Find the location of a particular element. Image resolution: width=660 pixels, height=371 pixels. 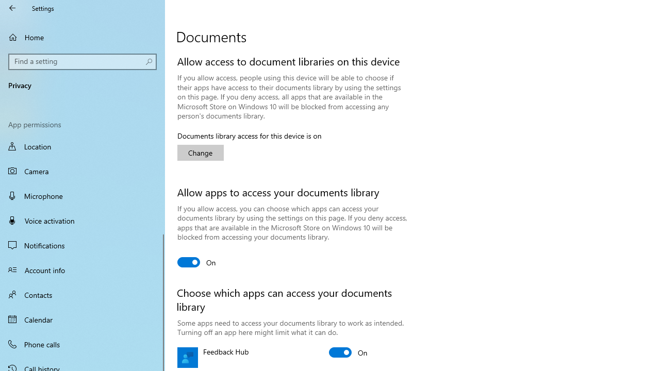

'Home' is located at coordinates (82, 37).